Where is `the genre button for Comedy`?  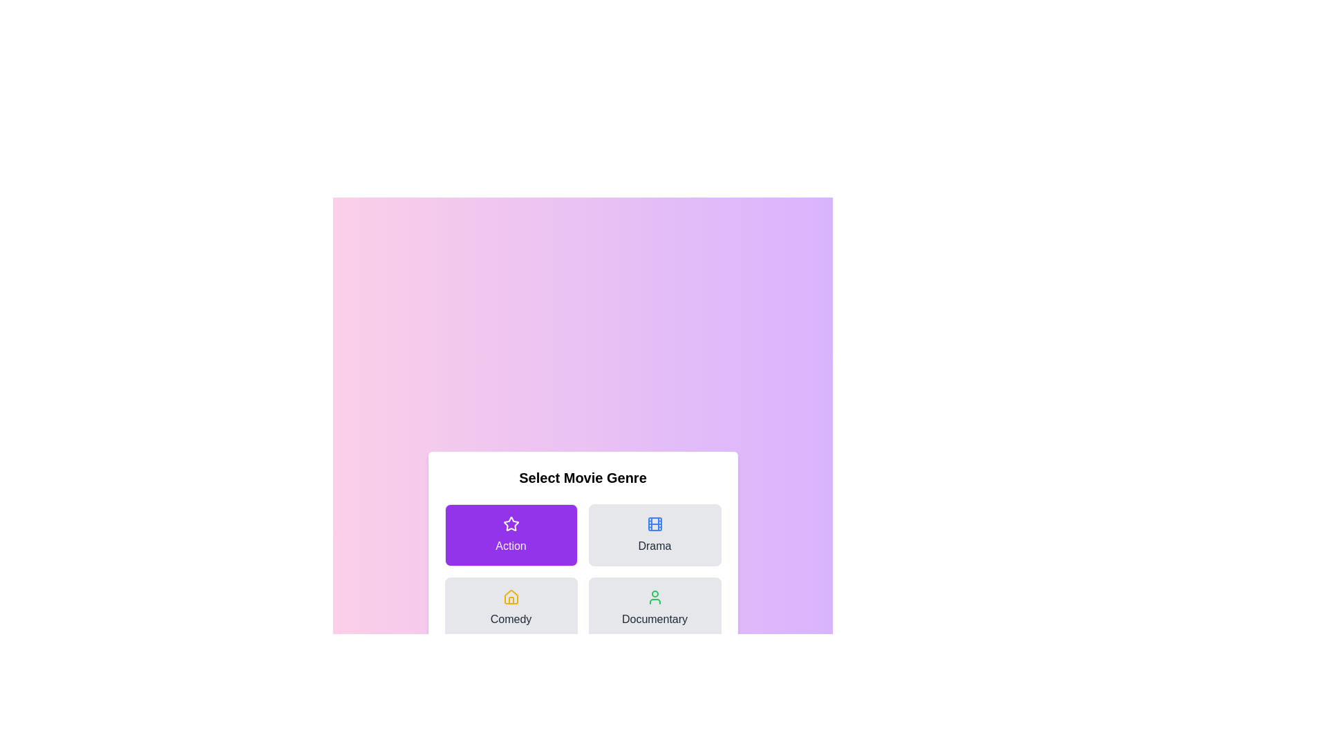 the genre button for Comedy is located at coordinates (510, 607).